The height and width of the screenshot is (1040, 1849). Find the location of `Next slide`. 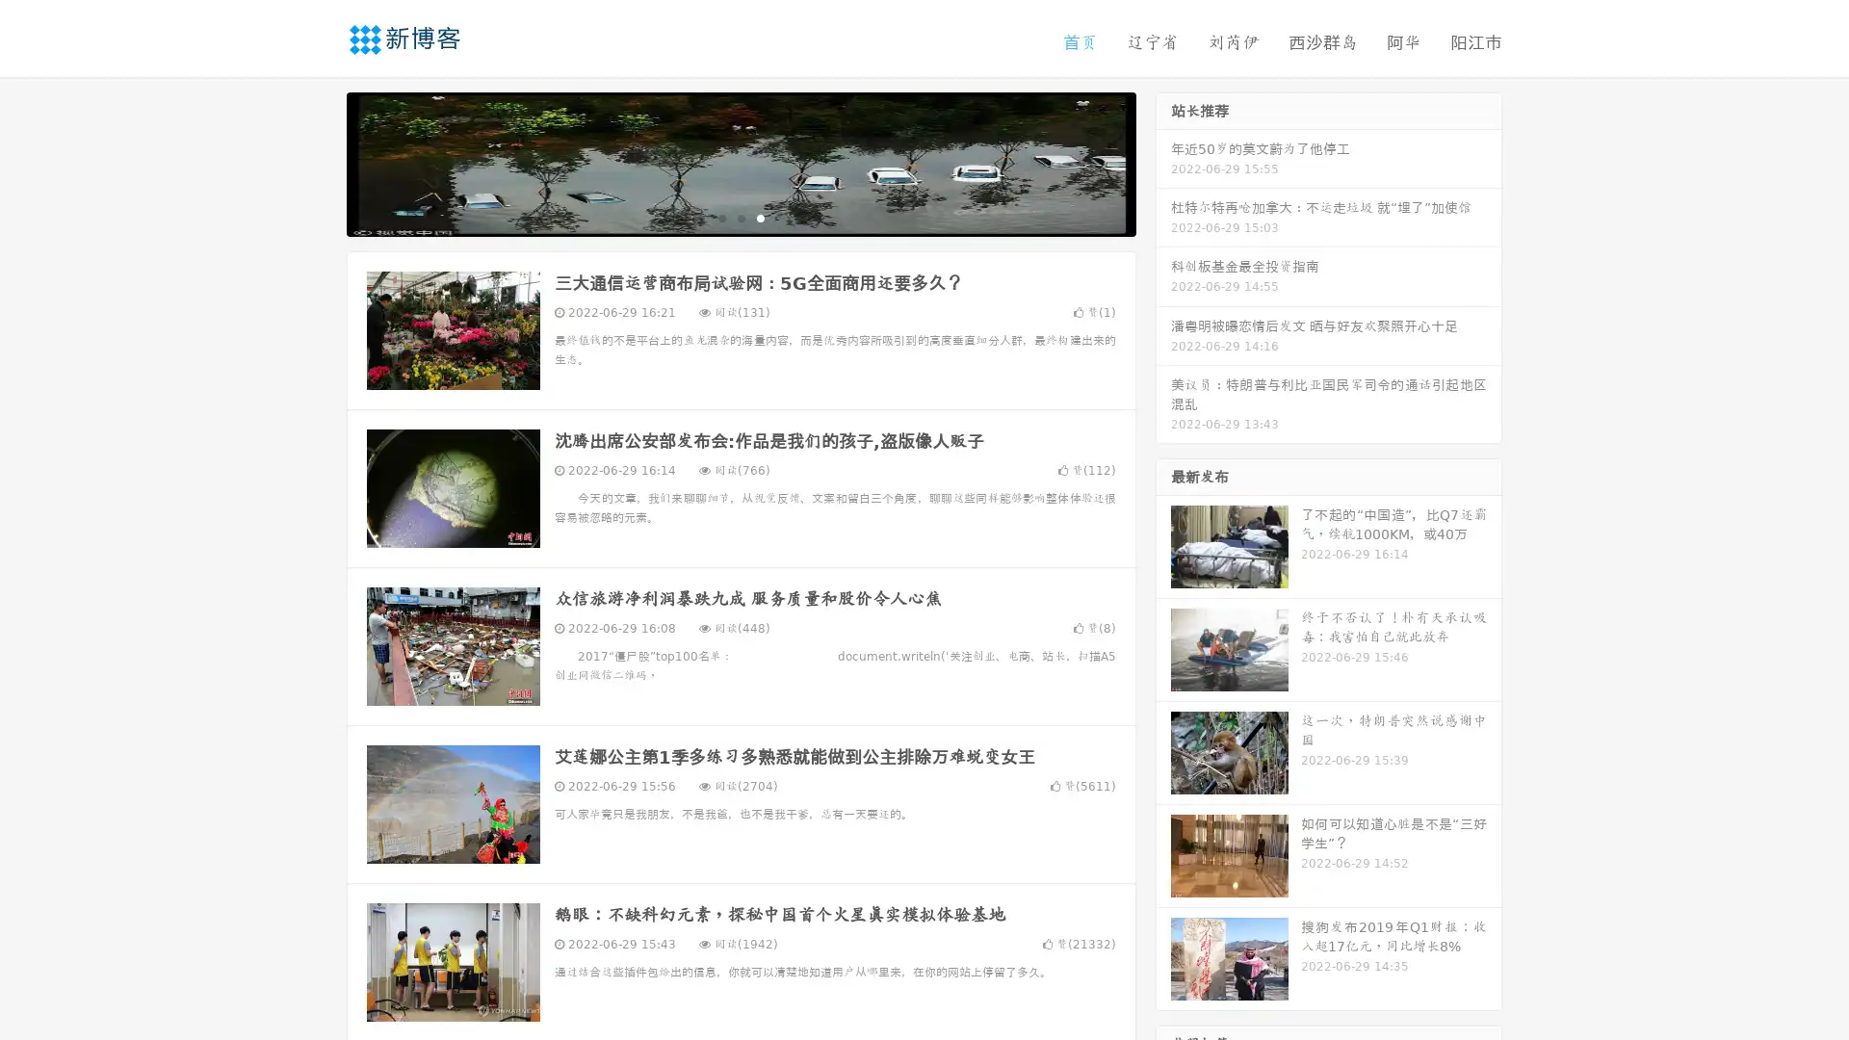

Next slide is located at coordinates (1163, 162).